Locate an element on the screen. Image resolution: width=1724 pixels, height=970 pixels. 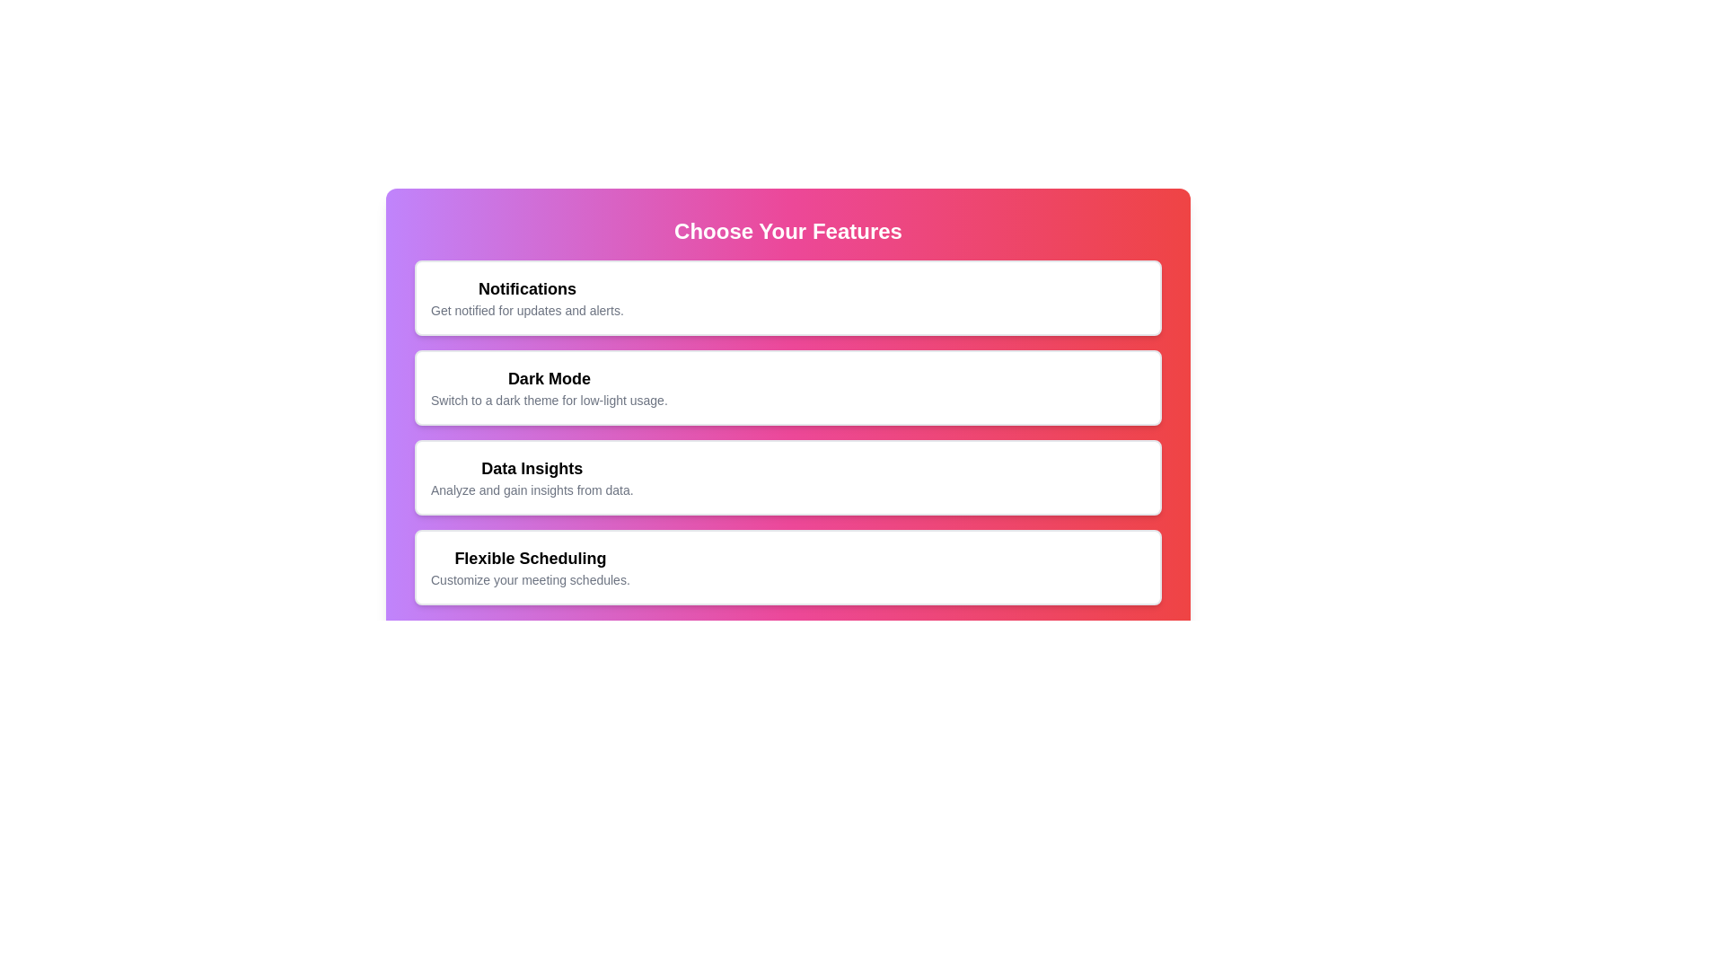
the 'Data Insights' interactive card, which is the third card in a vertical list of four cards, positioned between 'Dark Mode' and 'Flexible Scheduling' is located at coordinates (788, 477).